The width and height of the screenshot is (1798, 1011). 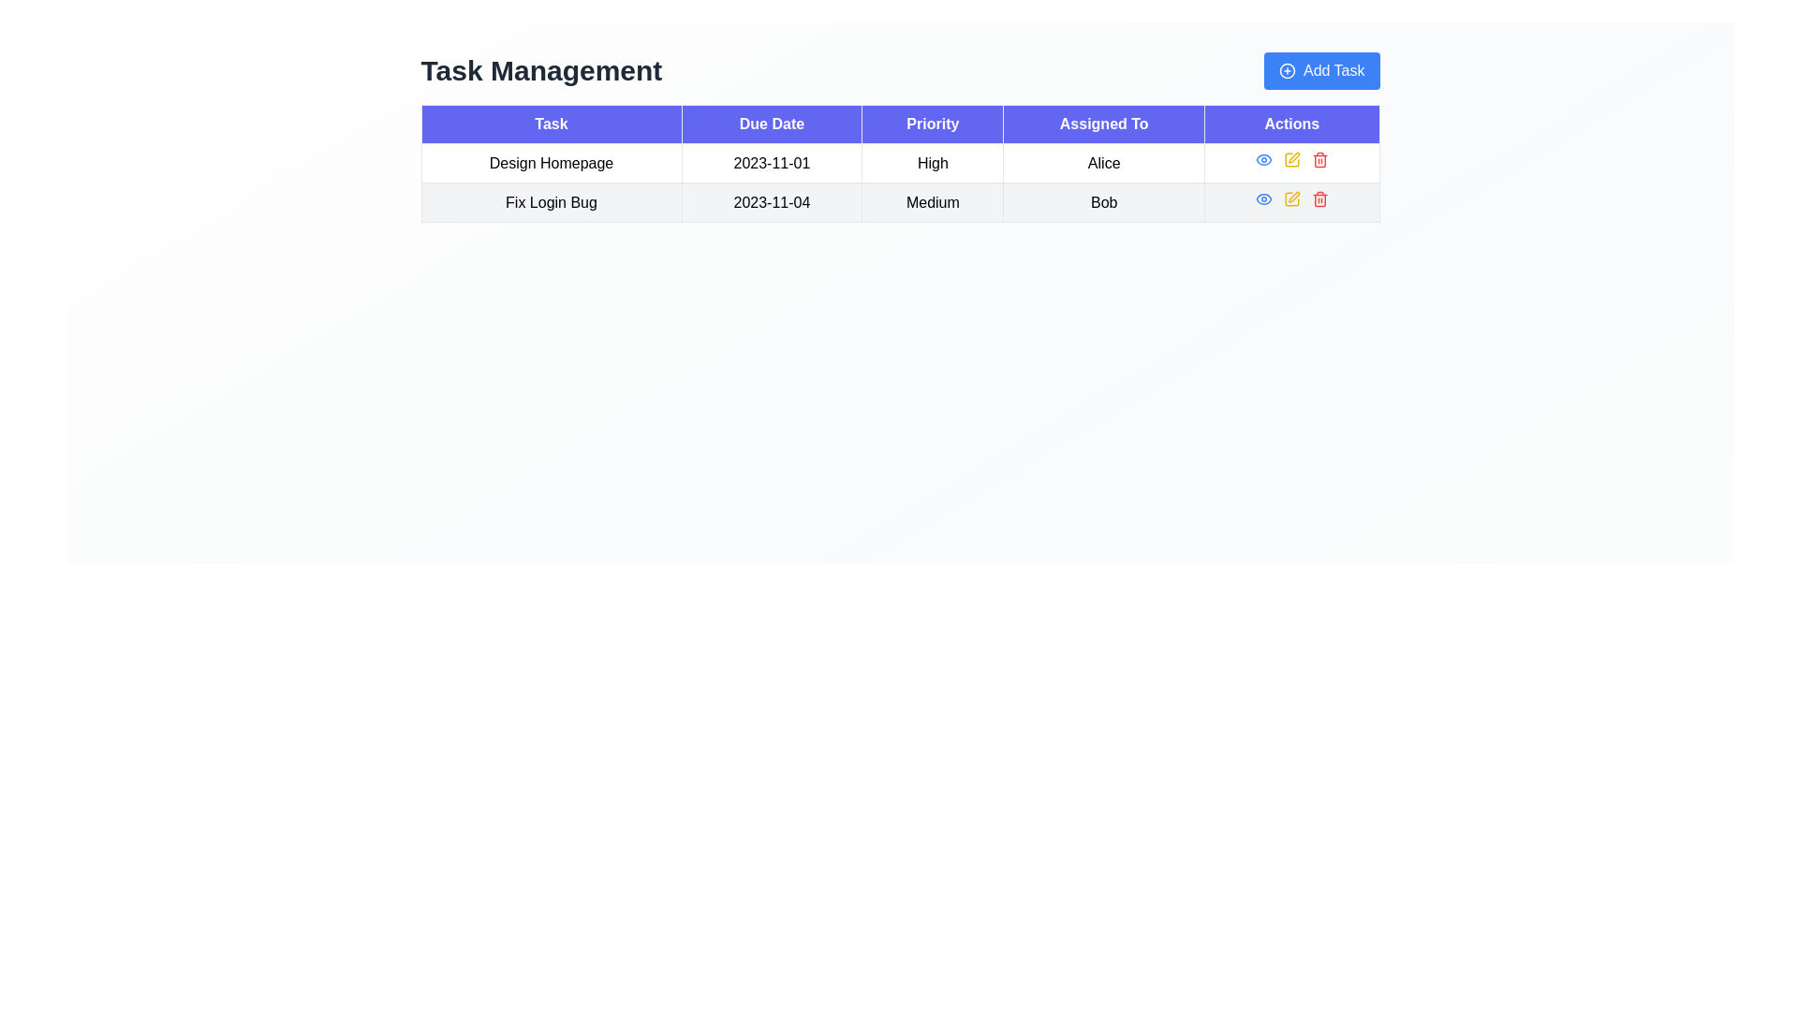 What do you see at coordinates (772, 162) in the screenshot?
I see `the due date cell in the second column of the first data row, which serves as a visual indicator of the task deadline` at bounding box center [772, 162].